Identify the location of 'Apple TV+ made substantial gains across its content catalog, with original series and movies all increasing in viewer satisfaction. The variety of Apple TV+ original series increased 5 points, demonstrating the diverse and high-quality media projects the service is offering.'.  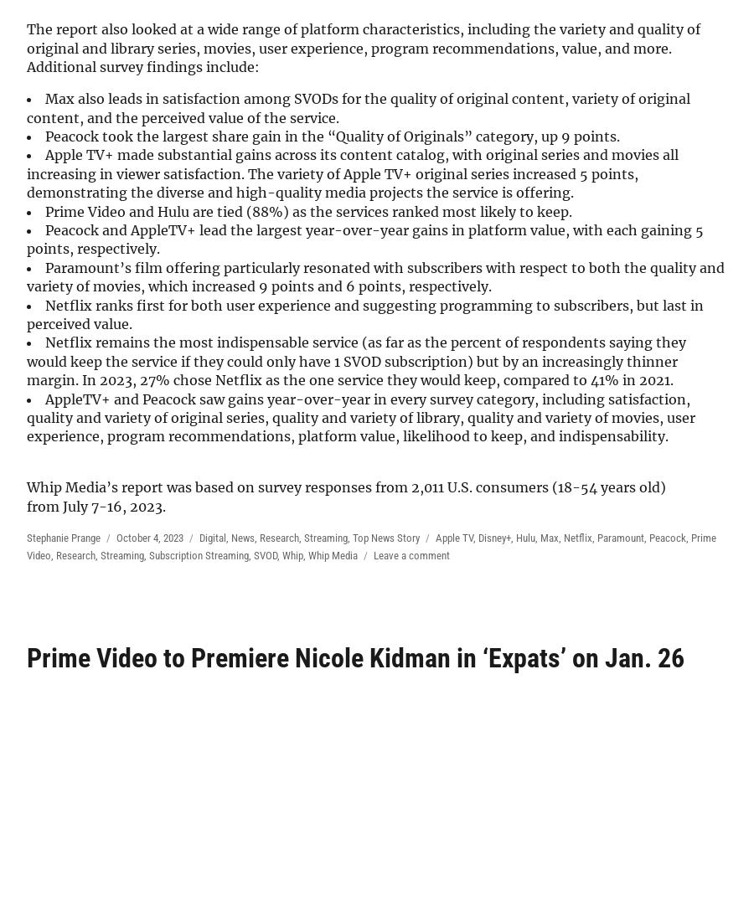
(353, 172).